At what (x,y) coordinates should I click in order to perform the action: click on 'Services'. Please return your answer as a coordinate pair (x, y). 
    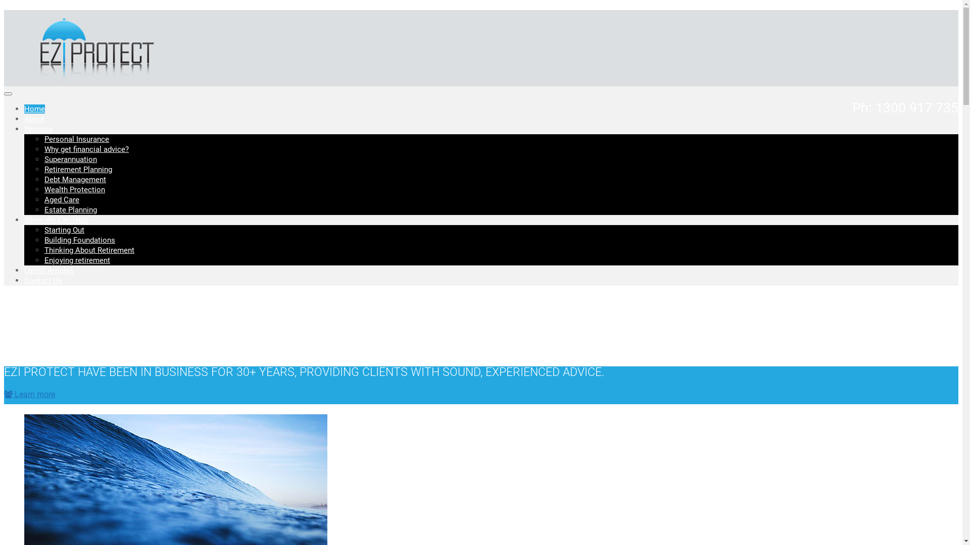
    Looking at the image, I should click on (24, 128).